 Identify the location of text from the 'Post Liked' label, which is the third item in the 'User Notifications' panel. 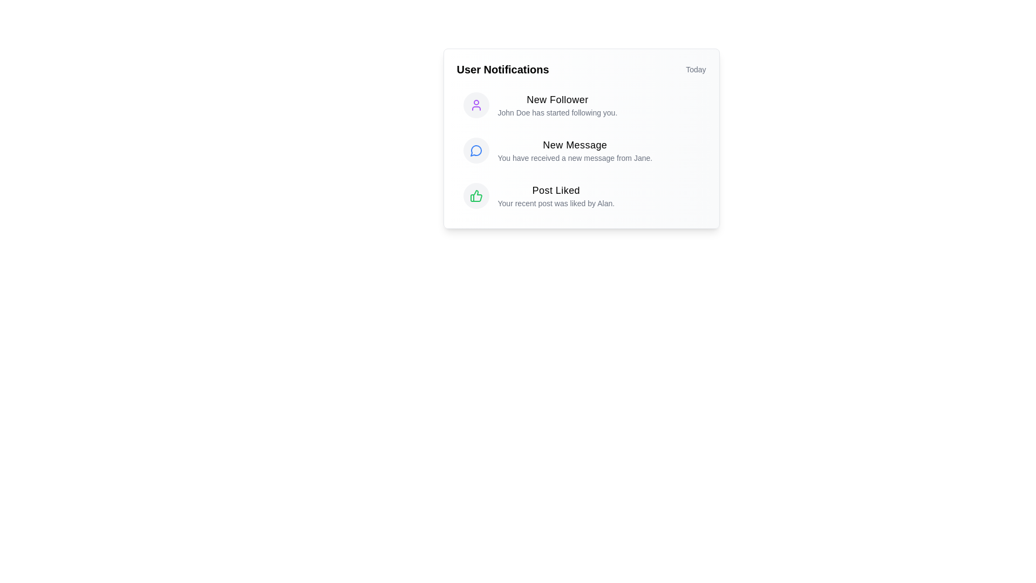
(556, 190).